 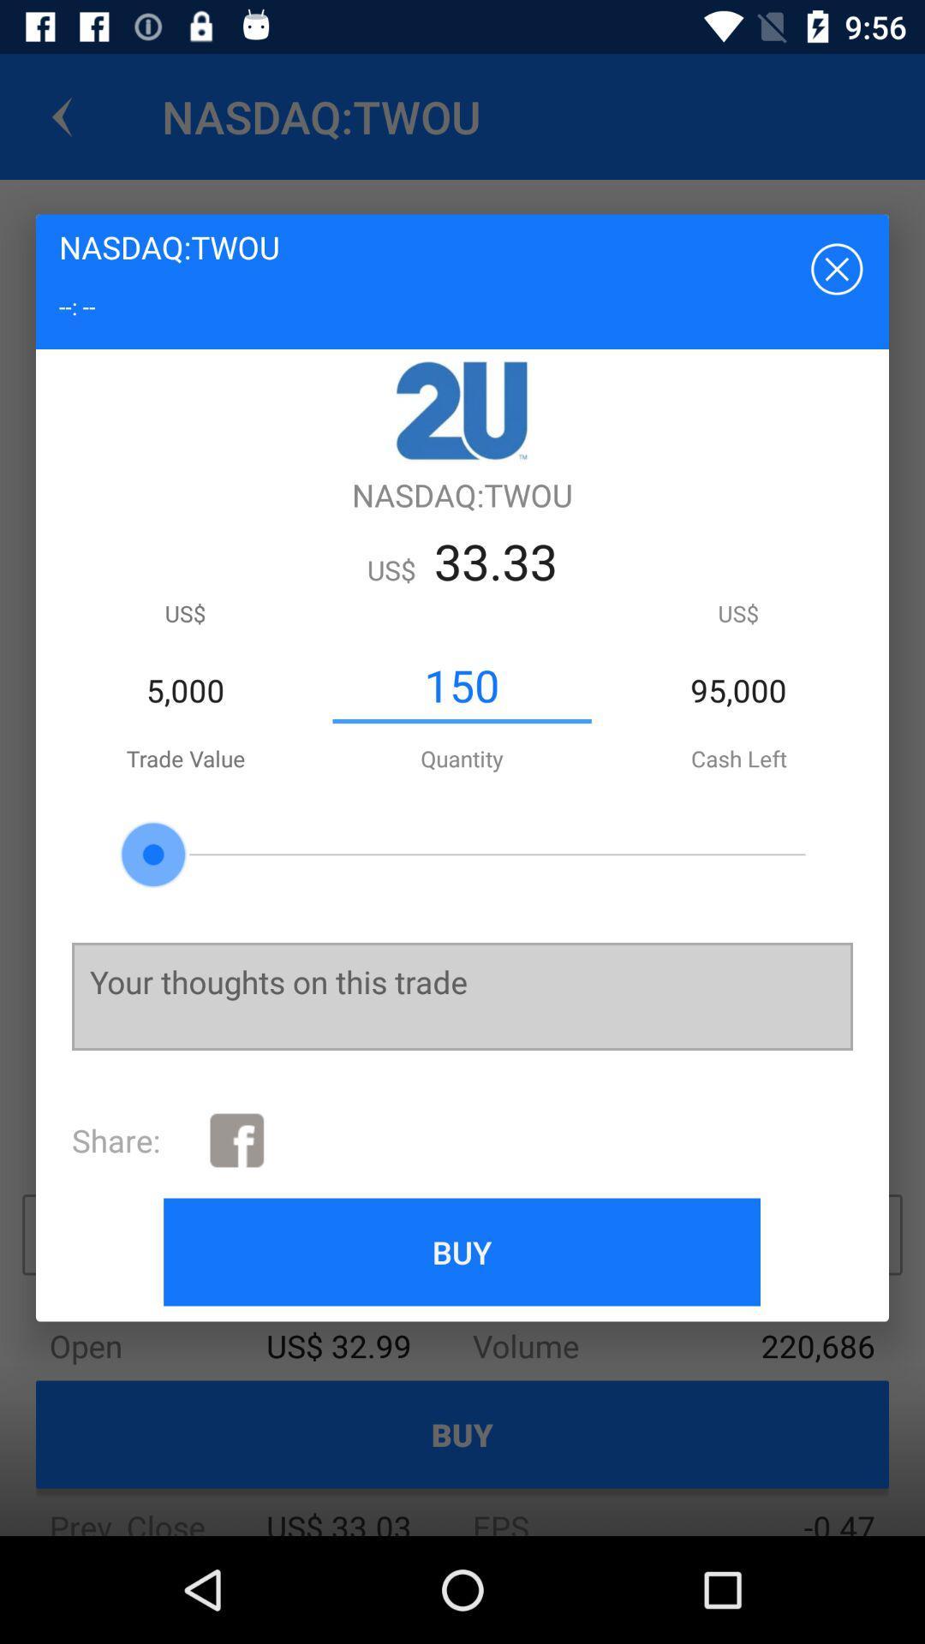 What do you see at coordinates (236, 1140) in the screenshot?
I see `the icon to the right of the share: icon` at bounding box center [236, 1140].